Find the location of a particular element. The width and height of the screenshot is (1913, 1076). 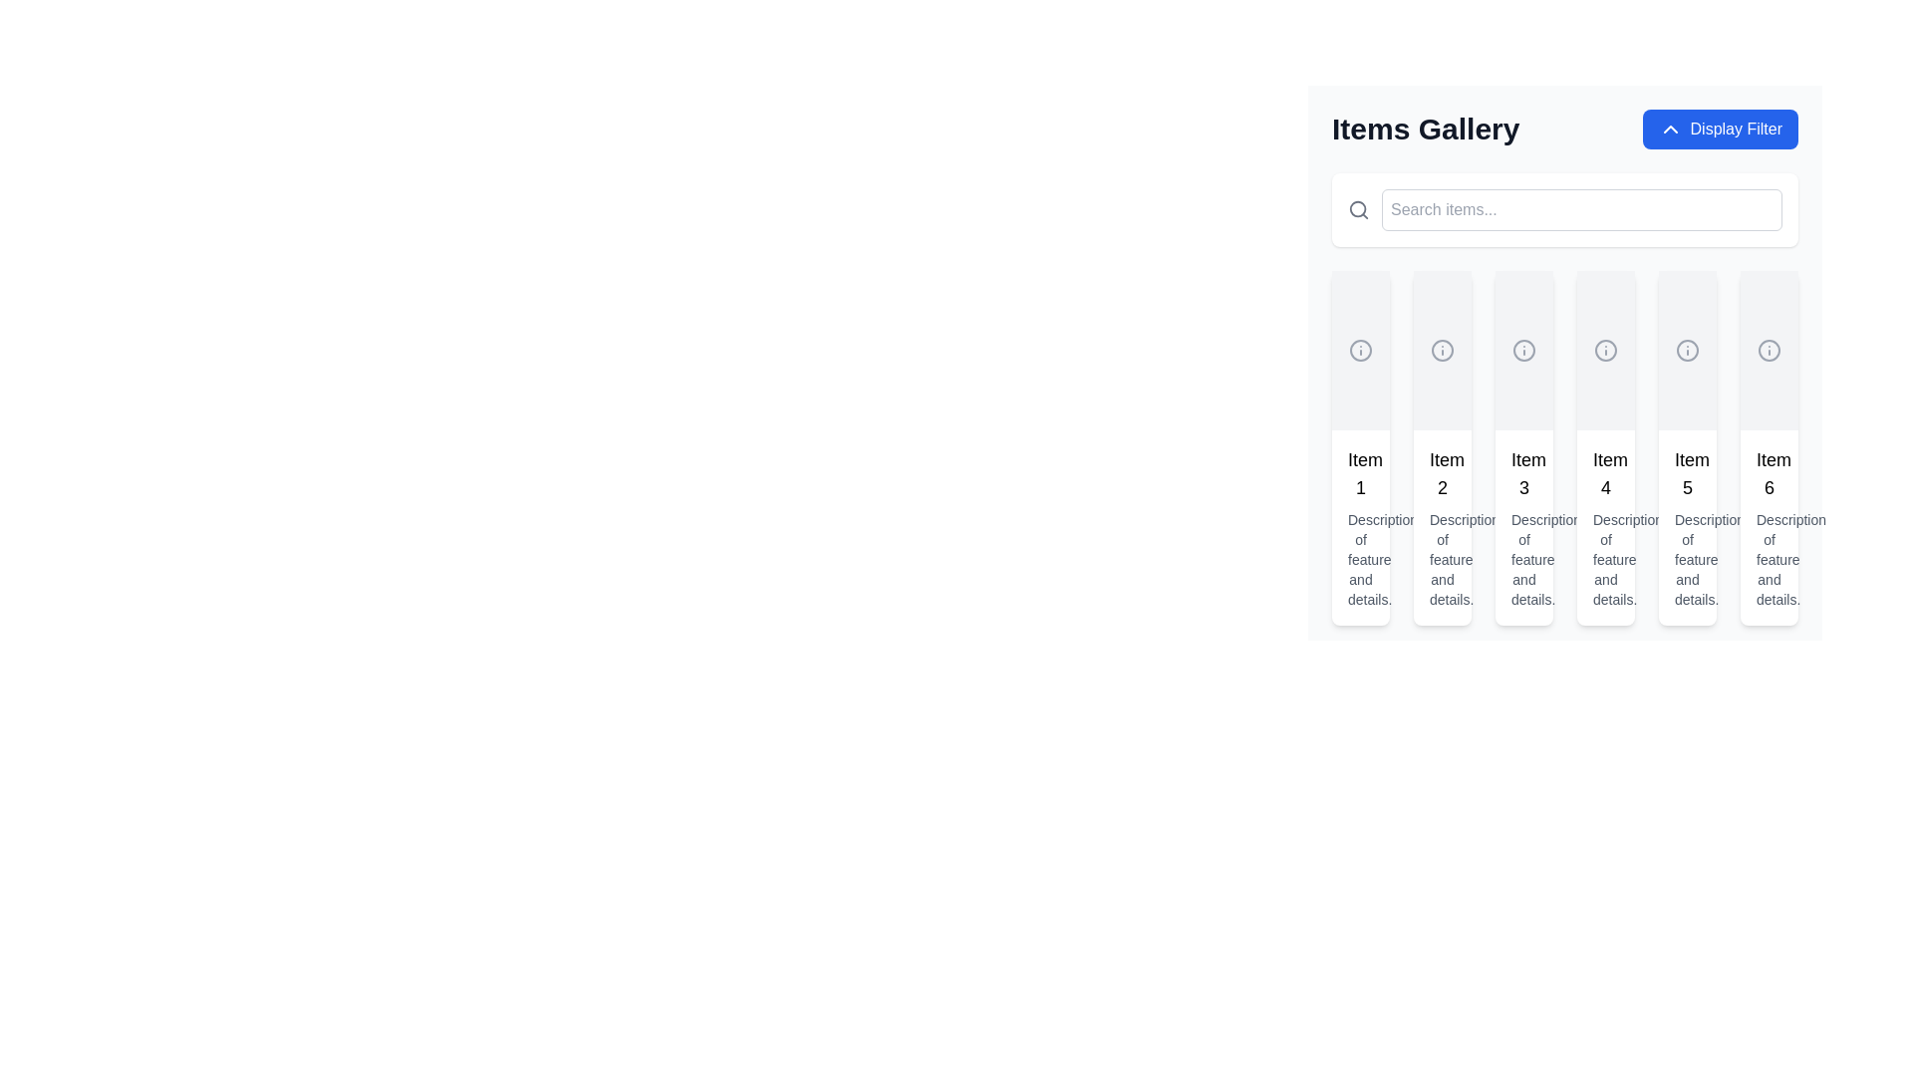

the circular icon with an exclamation mark, which is located in the top-center region of the third card in a row of six cards is located at coordinates (1523, 349).